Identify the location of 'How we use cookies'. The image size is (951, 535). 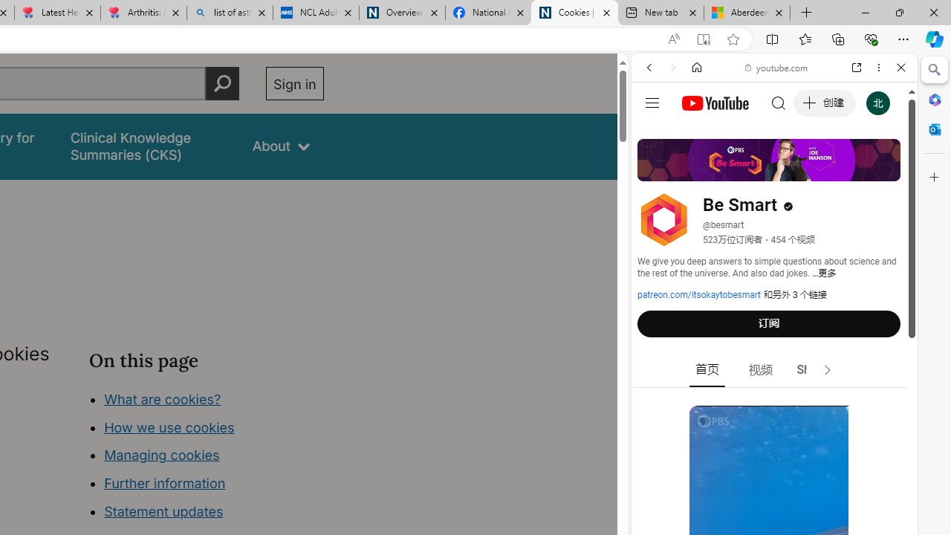
(169, 427).